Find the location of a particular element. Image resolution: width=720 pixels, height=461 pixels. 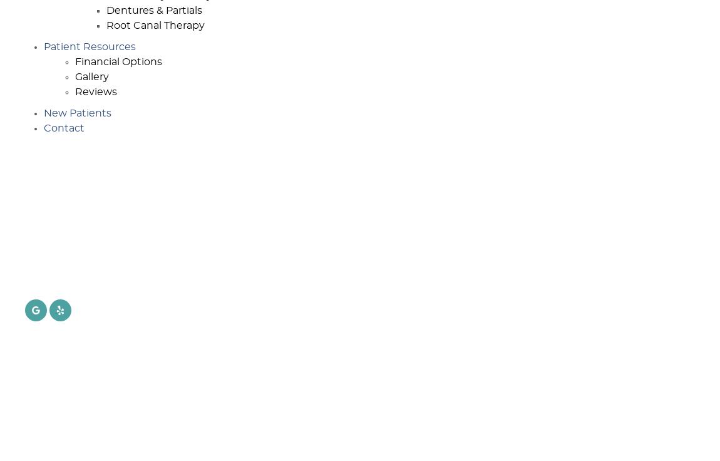

'Invisalign and the Invisalign logo, among others, are trademarks of Align Technology, Inc., and are registered in the U.S. and other countries.' is located at coordinates (127, 395).